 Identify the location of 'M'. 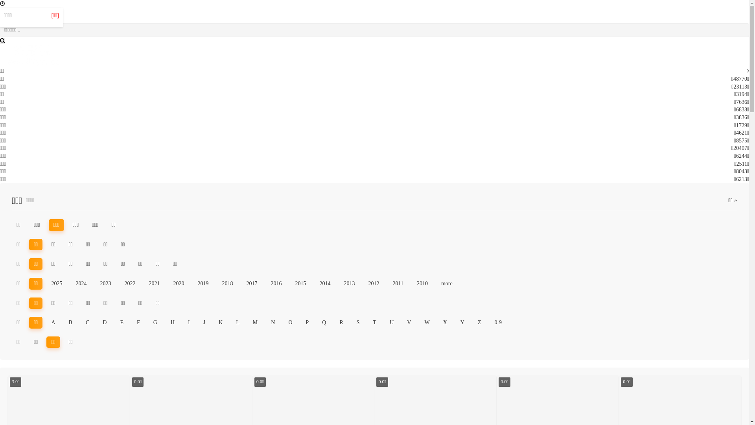
(255, 323).